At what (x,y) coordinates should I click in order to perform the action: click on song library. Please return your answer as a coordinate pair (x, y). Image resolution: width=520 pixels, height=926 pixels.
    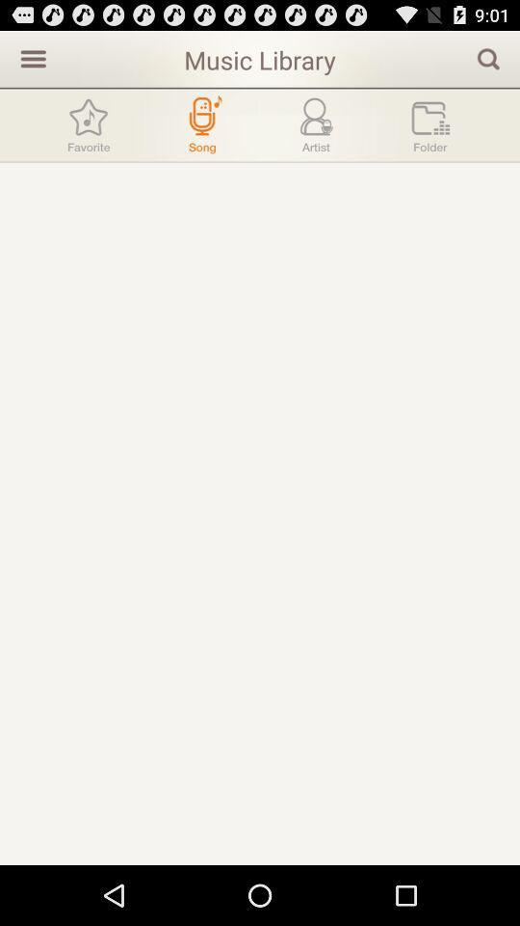
    Looking at the image, I should click on (201, 123).